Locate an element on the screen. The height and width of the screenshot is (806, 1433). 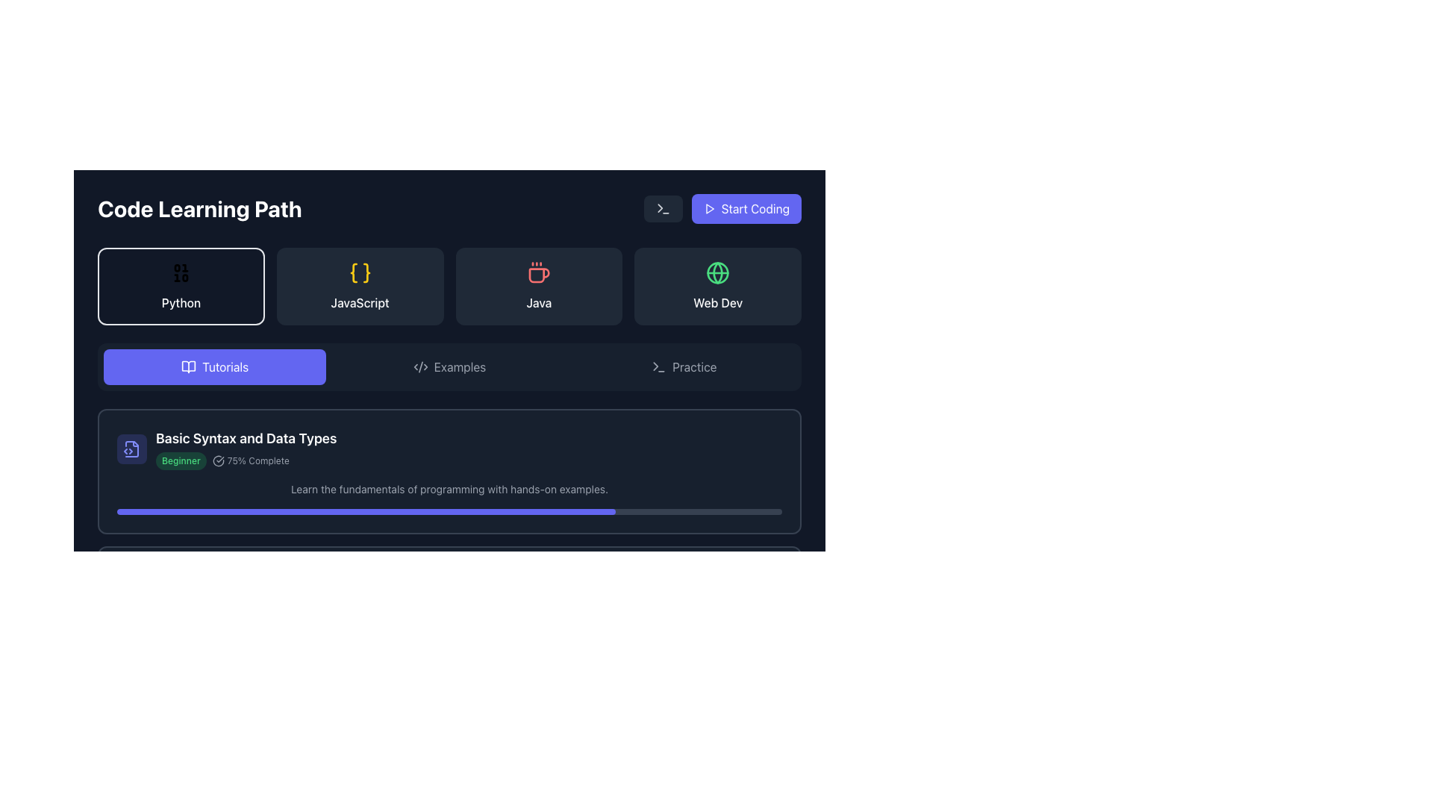
the 'Start Coding' button located in the top-right corner of the interface, which has a vibrant indigo background and white text, to initiate the action is located at coordinates (746, 209).